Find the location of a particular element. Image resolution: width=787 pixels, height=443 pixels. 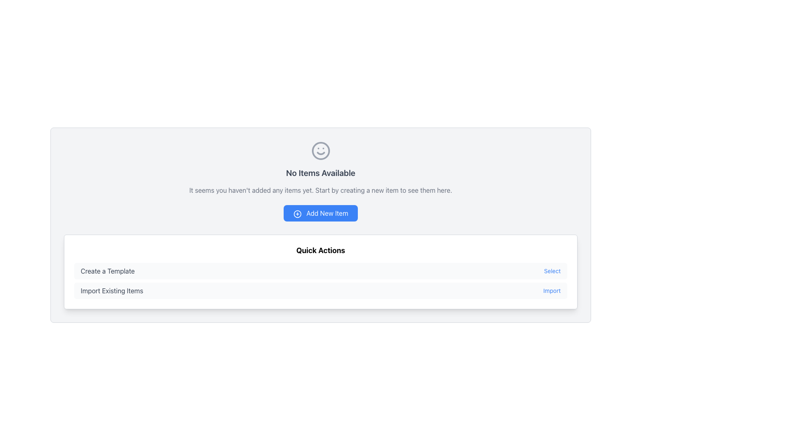

the button located below the headline 'No Items Available' and above the 'Quick Actions' section to initiate item creation is located at coordinates (320, 213).